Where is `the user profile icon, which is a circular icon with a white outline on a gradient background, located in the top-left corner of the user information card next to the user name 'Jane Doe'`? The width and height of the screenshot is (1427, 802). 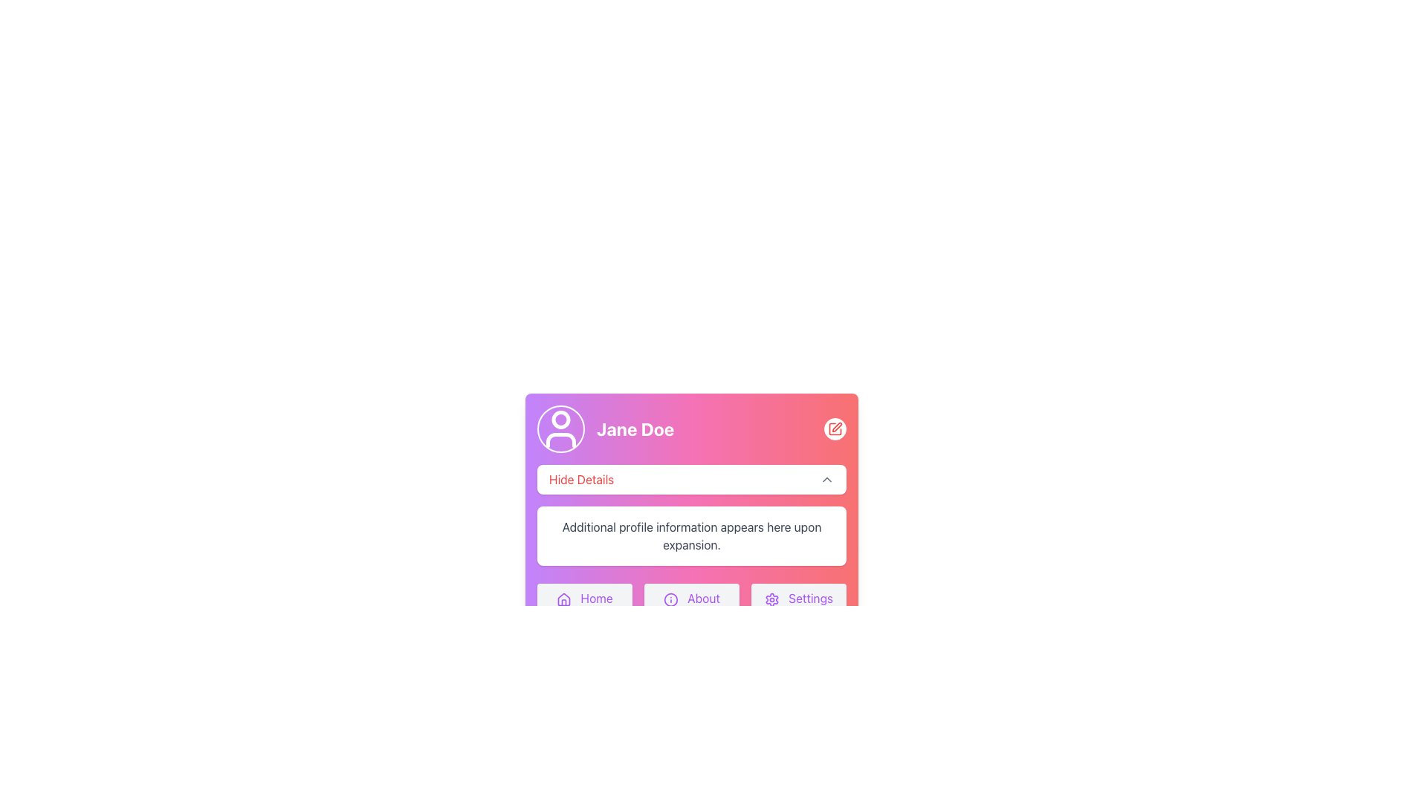 the user profile icon, which is a circular icon with a white outline on a gradient background, located in the top-left corner of the user information card next to the user name 'Jane Doe' is located at coordinates (560, 429).